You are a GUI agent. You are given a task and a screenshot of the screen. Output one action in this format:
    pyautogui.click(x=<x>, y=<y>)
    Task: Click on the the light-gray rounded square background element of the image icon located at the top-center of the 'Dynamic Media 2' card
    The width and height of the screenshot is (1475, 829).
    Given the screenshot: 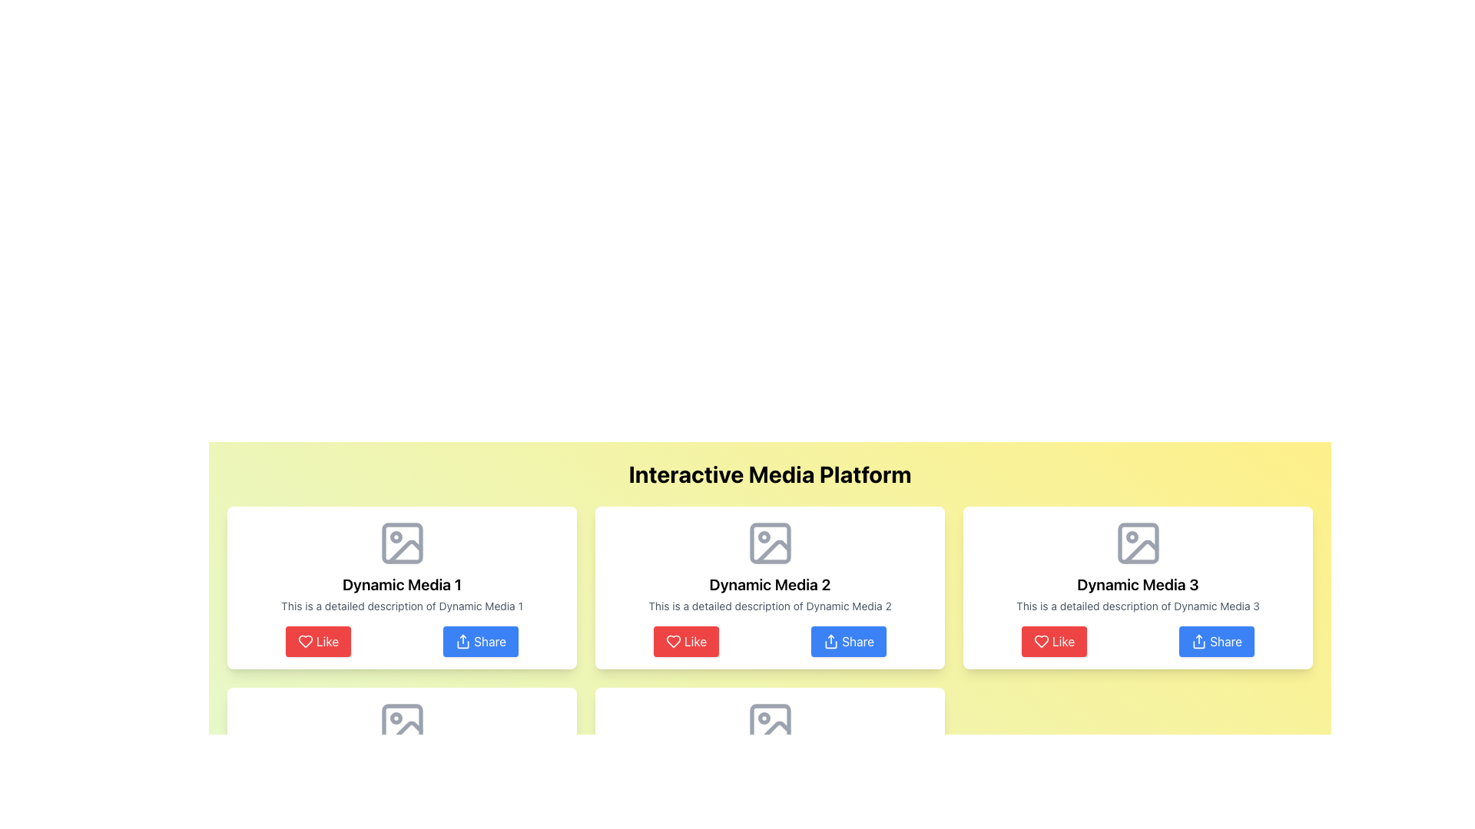 What is the action you would take?
    pyautogui.click(x=770, y=543)
    